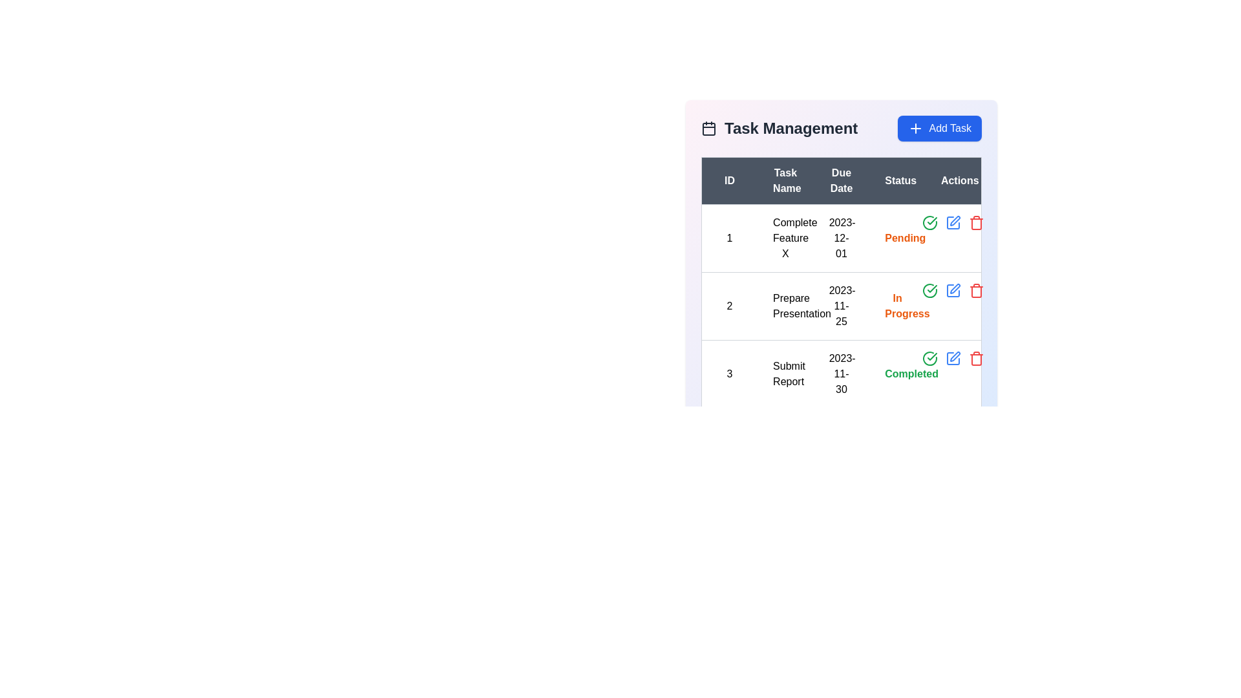 Image resolution: width=1241 pixels, height=698 pixels. I want to click on the first task row in the Task Management table, which displays the task details including ID, name, due date, and status, so click(841, 238).